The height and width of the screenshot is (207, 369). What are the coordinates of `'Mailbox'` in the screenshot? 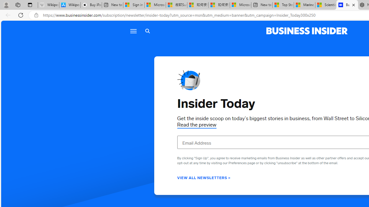 It's located at (189, 80).